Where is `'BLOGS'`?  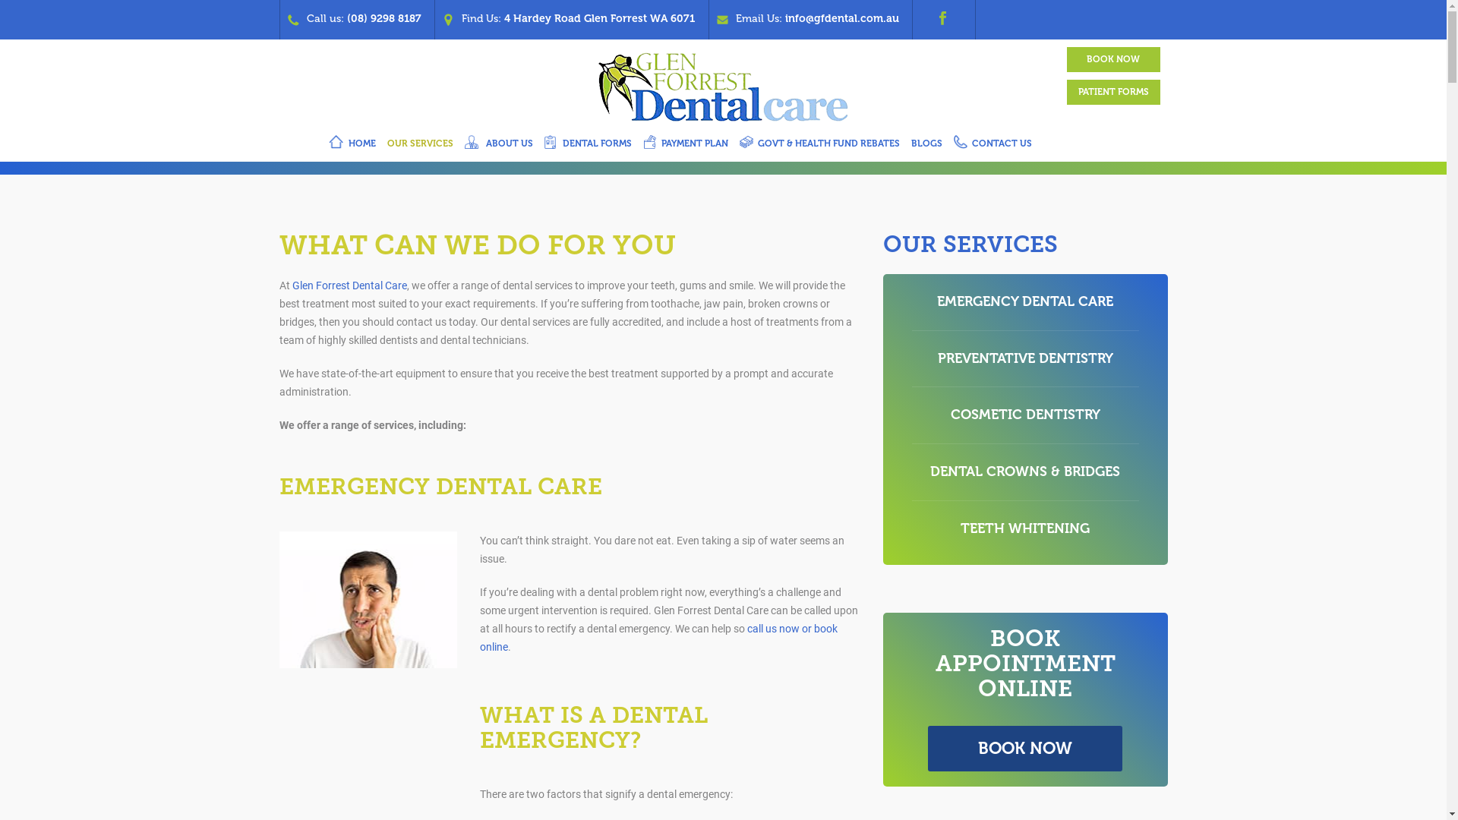
'BLOGS' is located at coordinates (925, 146).